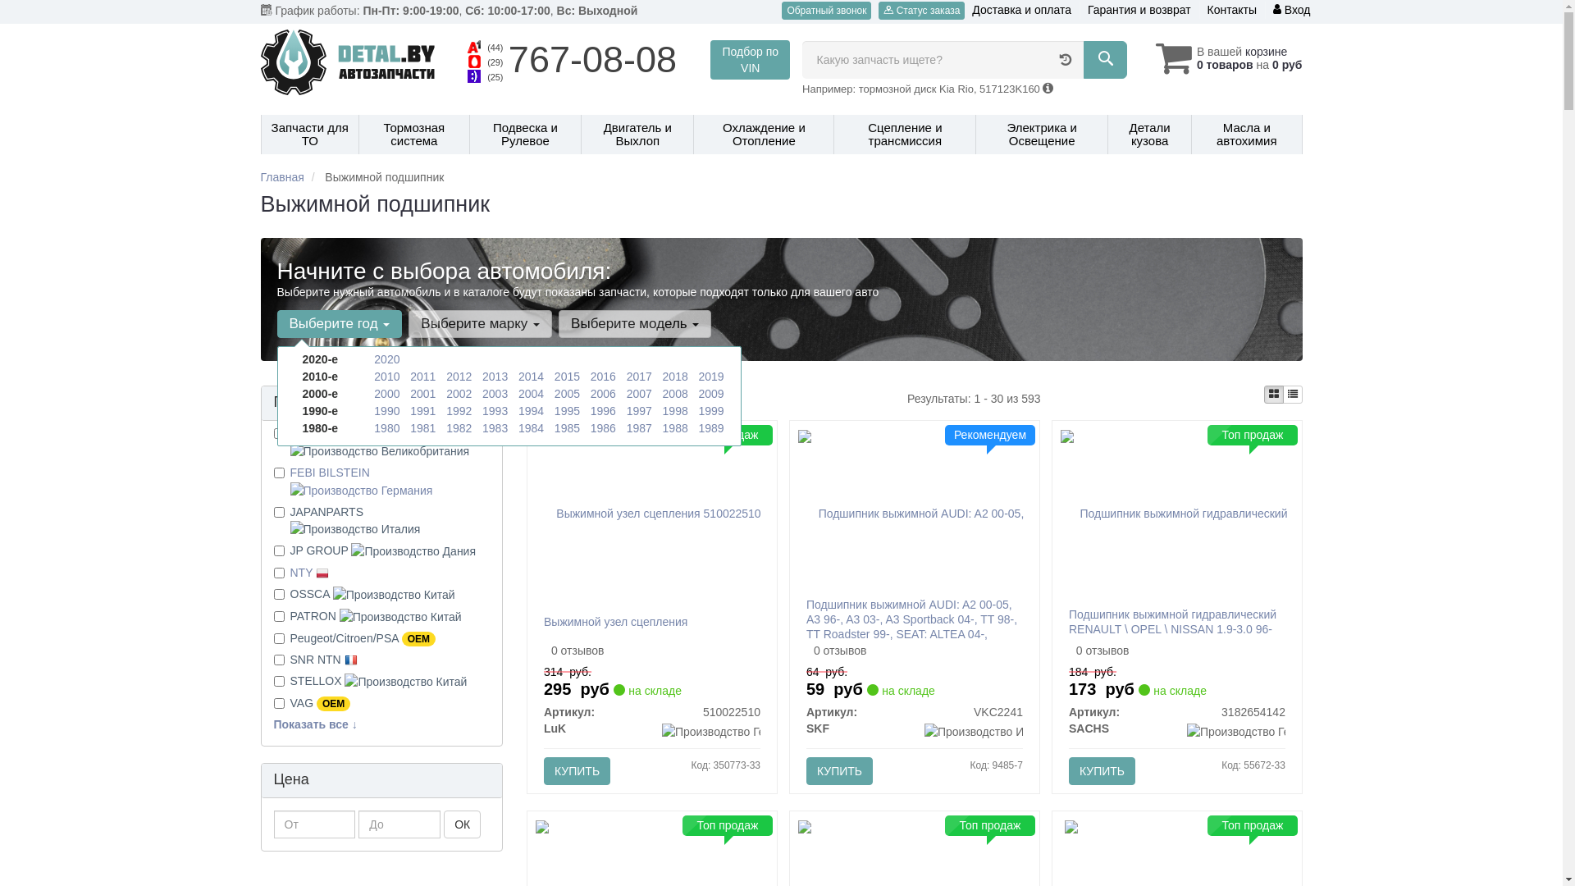 The width and height of the screenshot is (1575, 886). What do you see at coordinates (638, 410) in the screenshot?
I see `'1997'` at bounding box center [638, 410].